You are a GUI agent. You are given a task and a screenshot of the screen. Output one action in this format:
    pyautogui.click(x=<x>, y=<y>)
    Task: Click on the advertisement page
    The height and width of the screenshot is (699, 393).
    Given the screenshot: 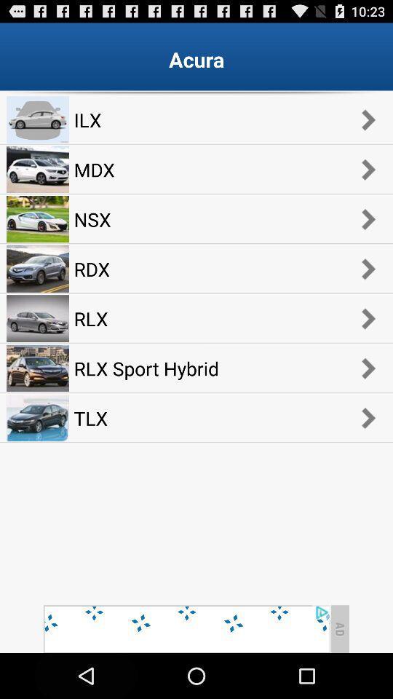 What is the action you would take?
    pyautogui.click(x=186, y=628)
    